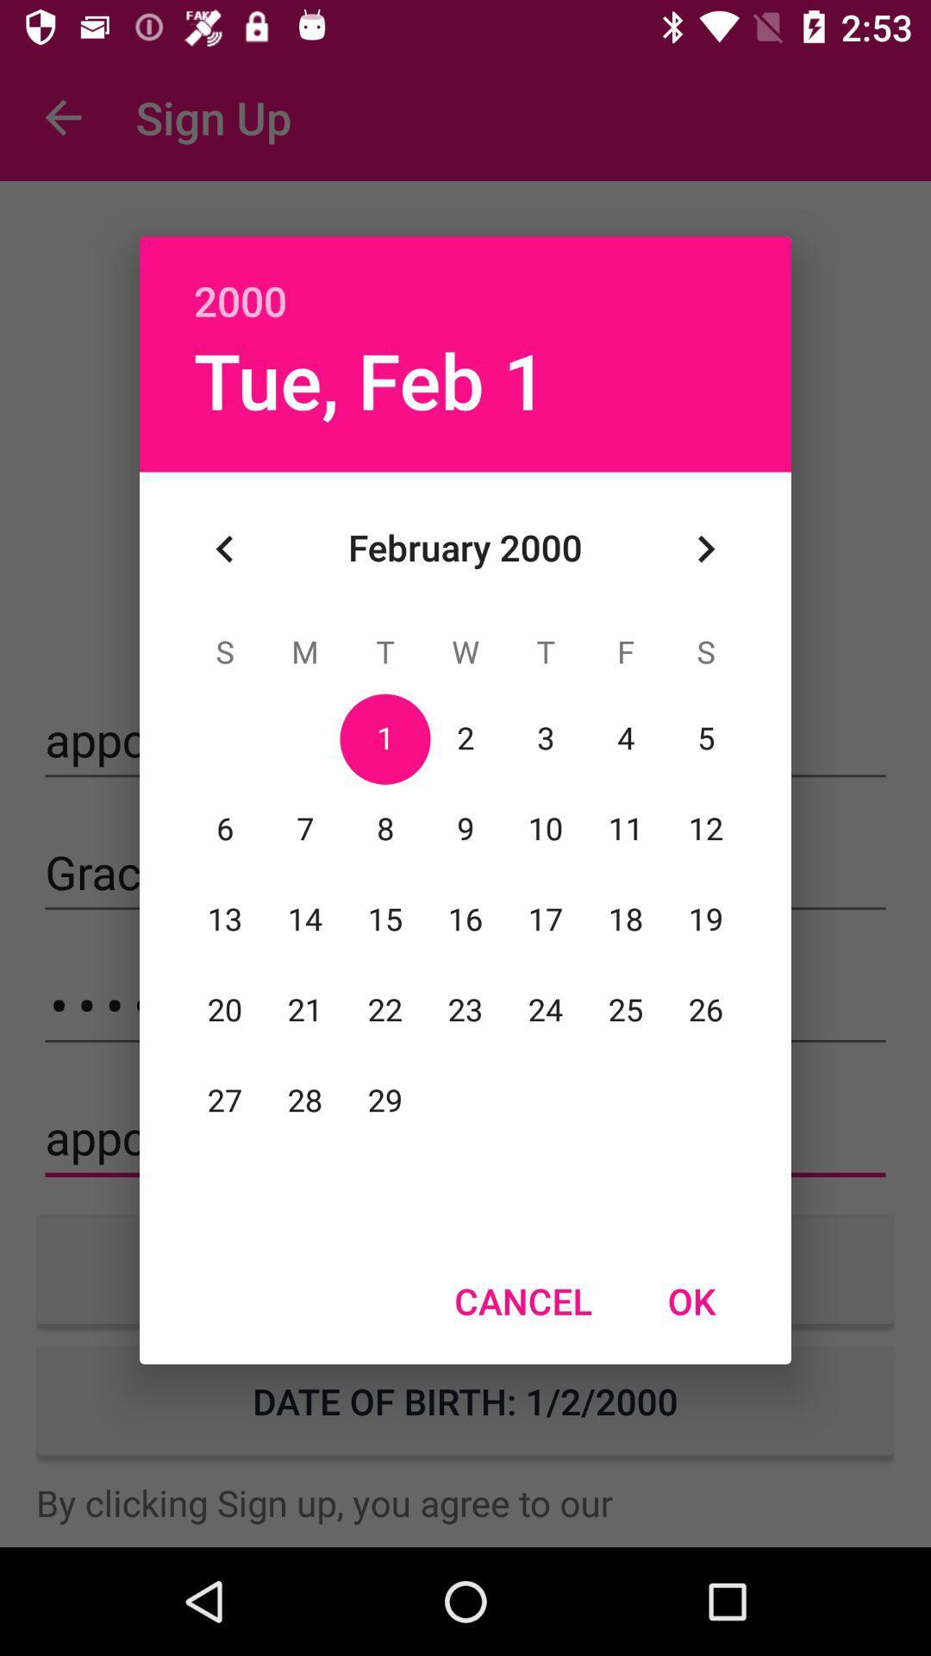 The width and height of the screenshot is (931, 1656). Describe the element at coordinates (522, 1301) in the screenshot. I see `the item to the left of ok` at that location.